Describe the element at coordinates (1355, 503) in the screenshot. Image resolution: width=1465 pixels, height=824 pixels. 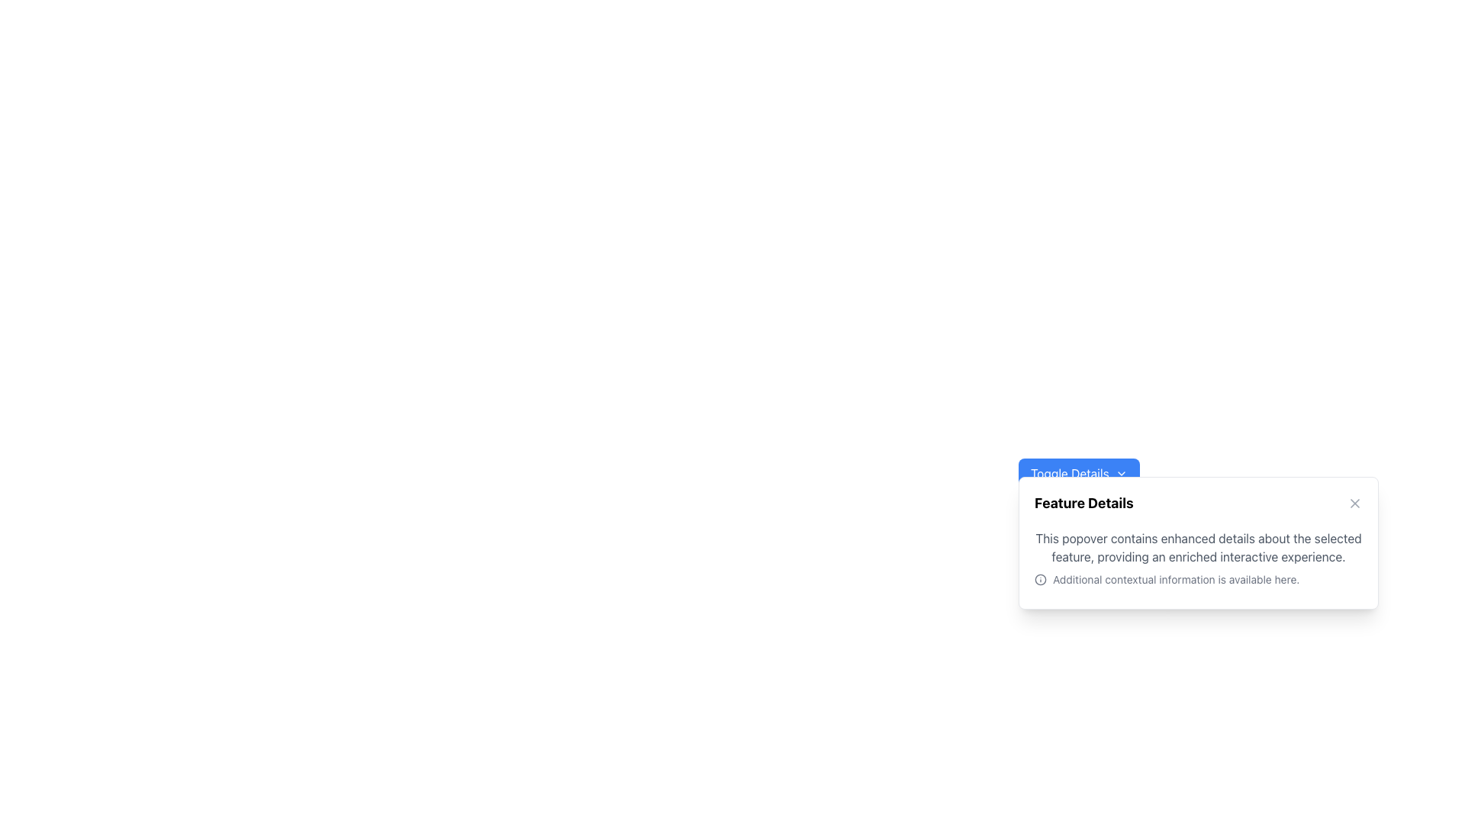
I see `the 'X' icon button styled in light gray color with rounded edges, located at the far right of the header next to the text 'Feature Details'` at that location.